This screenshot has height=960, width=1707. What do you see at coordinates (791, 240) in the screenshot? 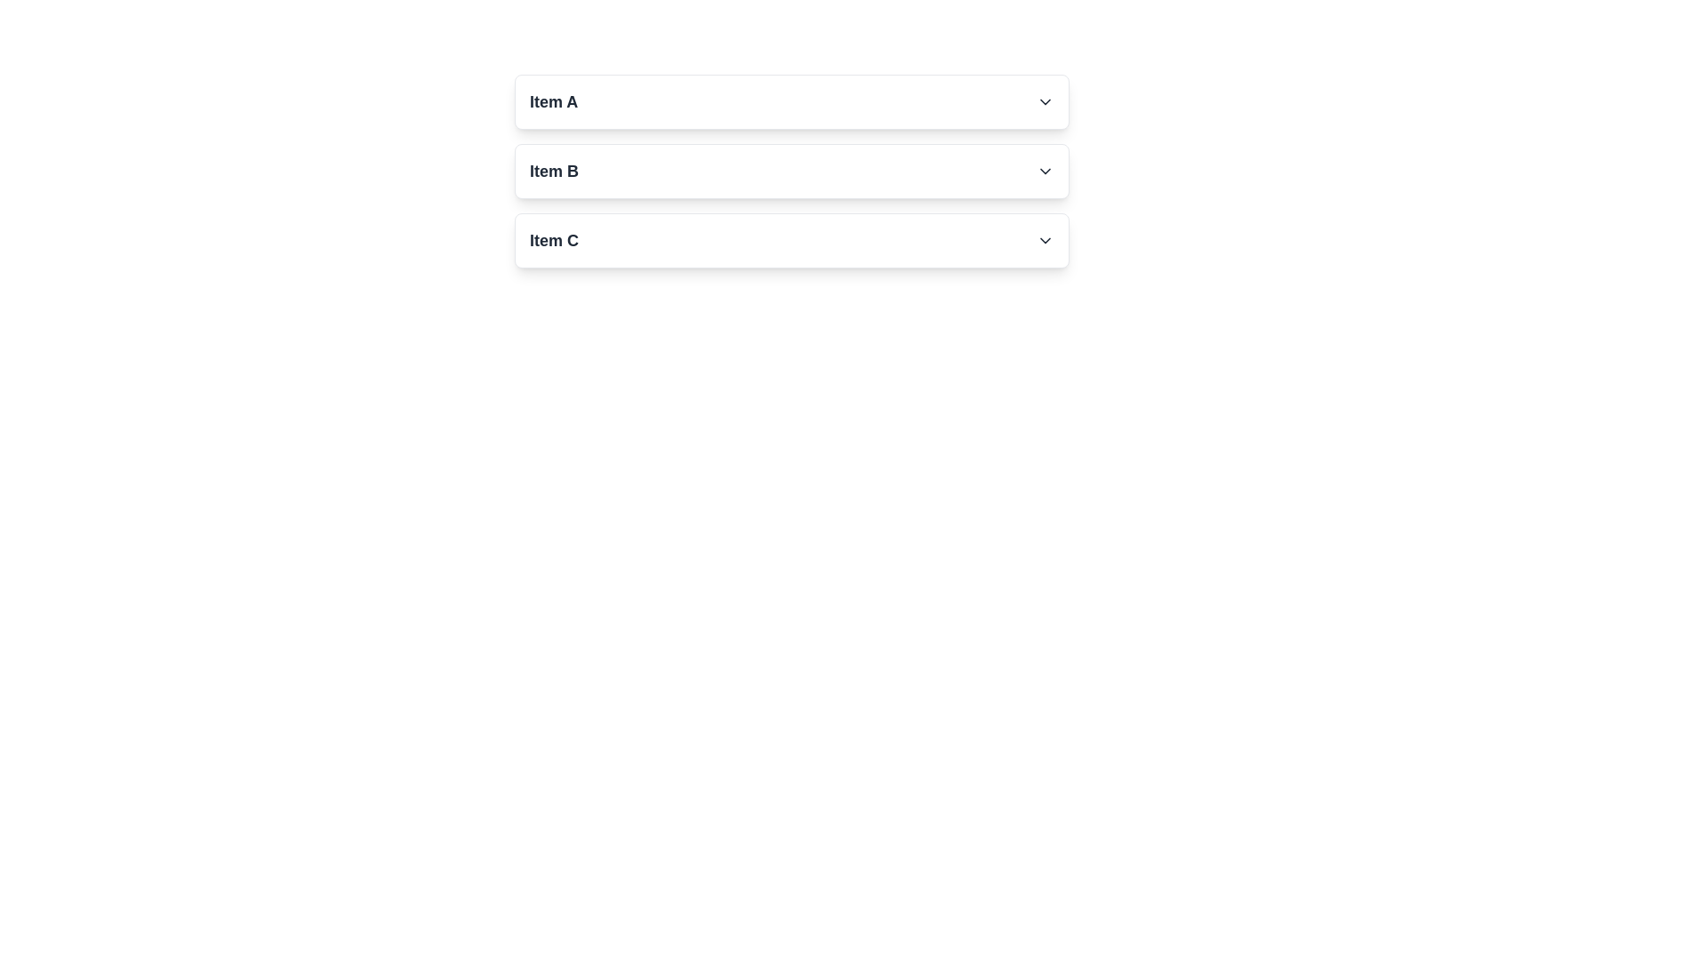
I see `the Dropdown or List Item labeled 'Item C'` at bounding box center [791, 240].